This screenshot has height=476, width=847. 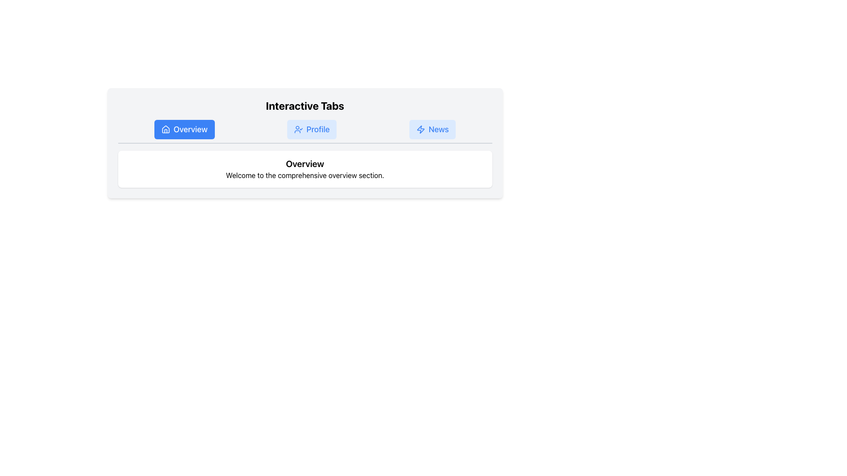 I want to click on the blue button labeled 'Overview' with a house icon to trigger visual feedback, so click(x=184, y=129).